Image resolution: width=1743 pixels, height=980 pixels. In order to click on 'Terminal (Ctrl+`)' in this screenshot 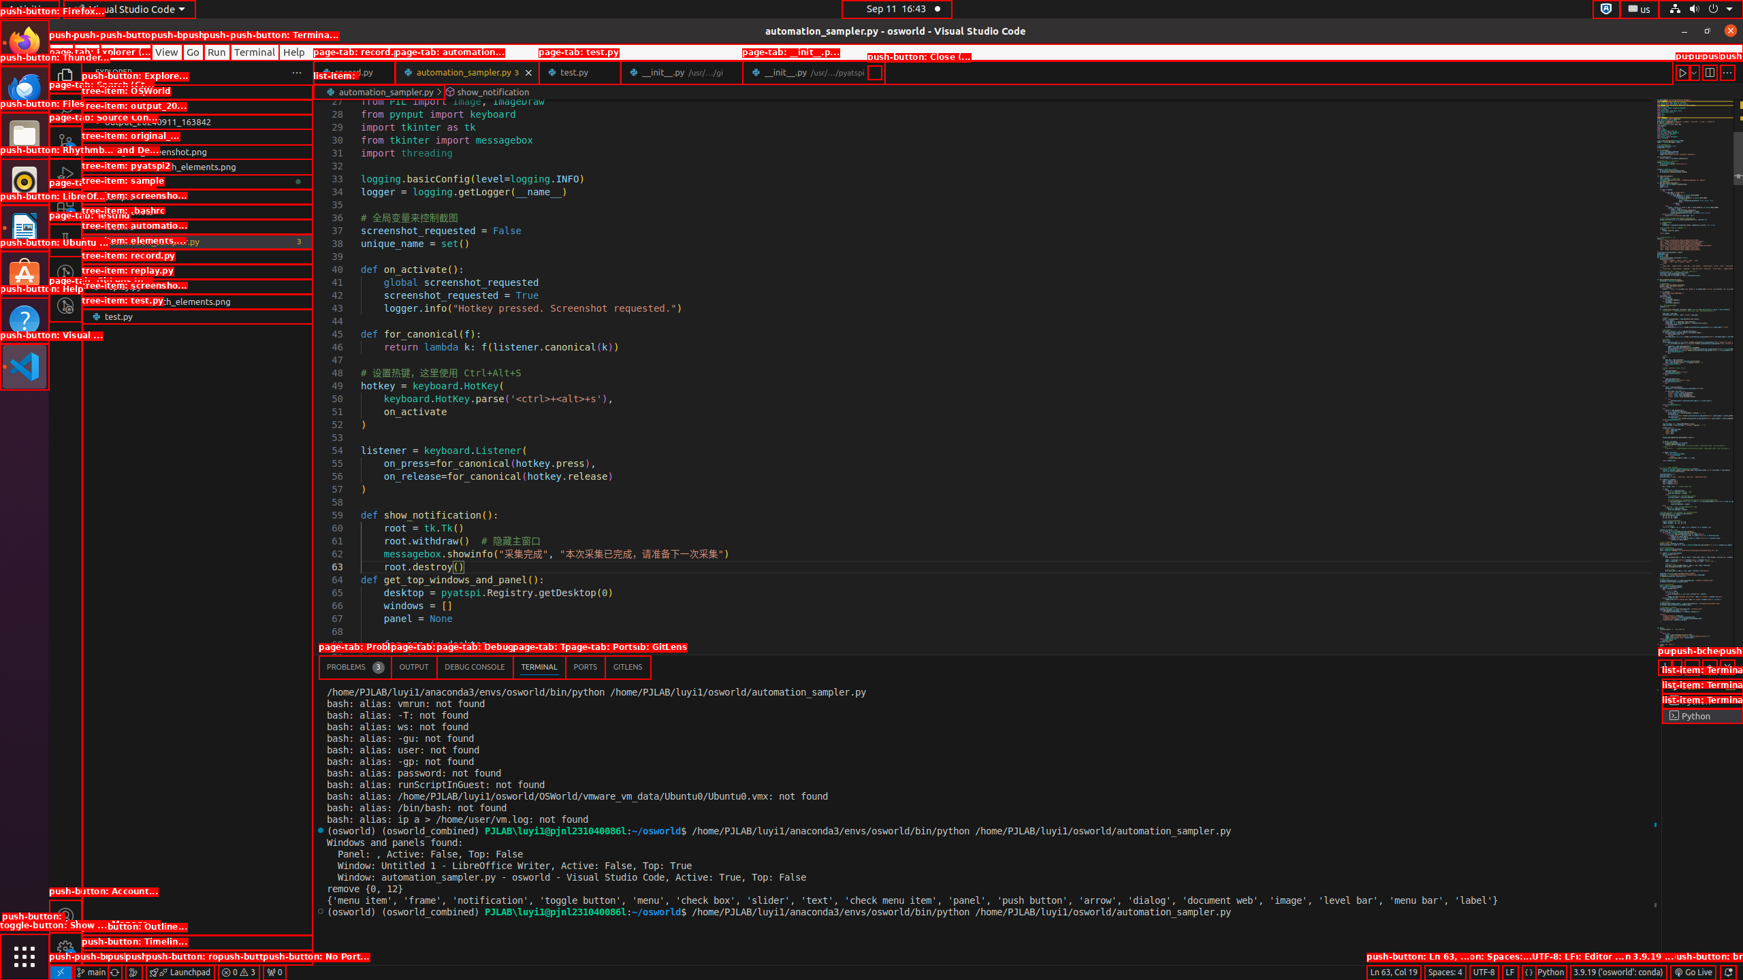, I will do `click(539, 667)`.